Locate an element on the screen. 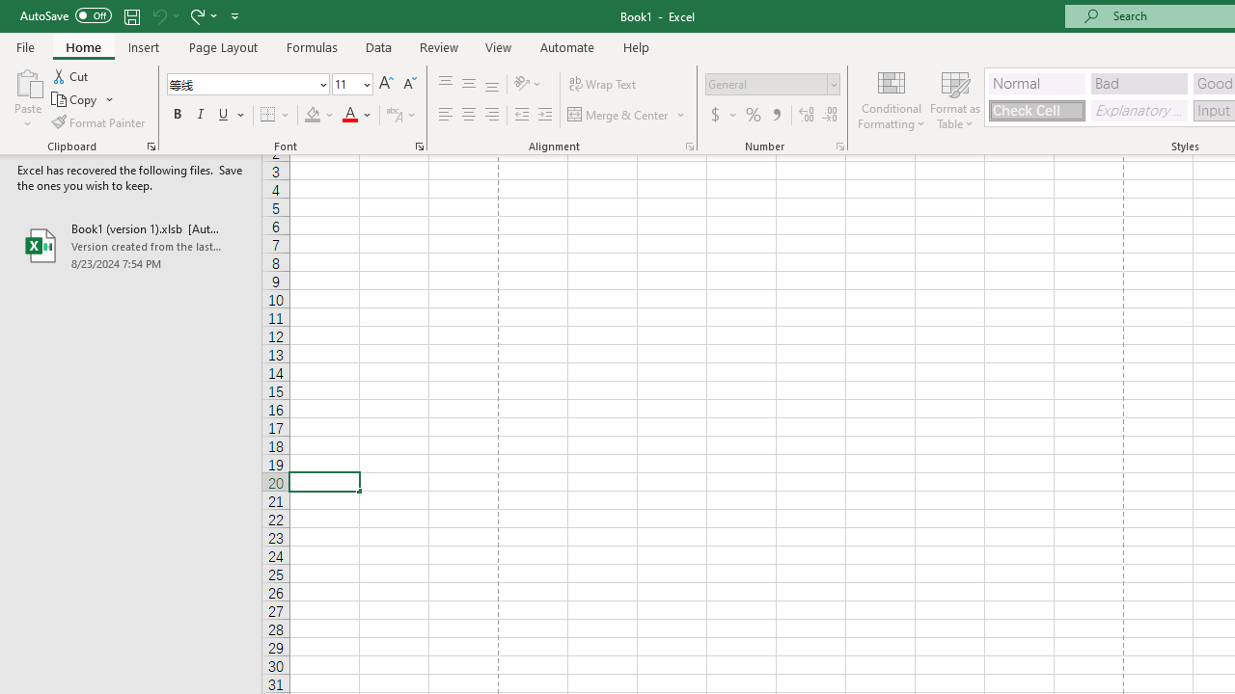 The width and height of the screenshot is (1235, 694). 'Redo' is located at coordinates (196, 15).